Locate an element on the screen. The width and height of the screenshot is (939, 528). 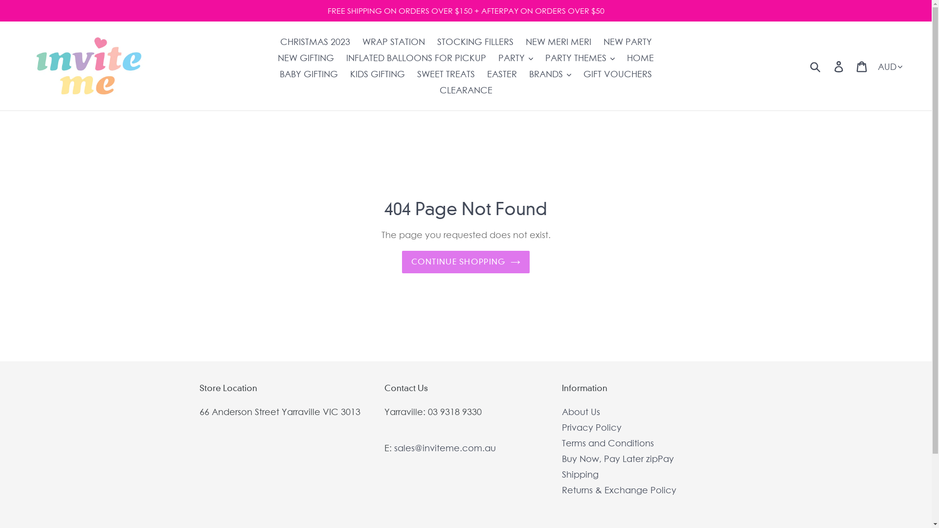
'sales@inviteme.com.au' is located at coordinates (445, 448).